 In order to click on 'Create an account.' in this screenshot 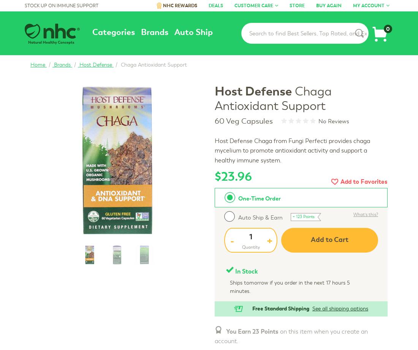, I will do `click(351, 63)`.